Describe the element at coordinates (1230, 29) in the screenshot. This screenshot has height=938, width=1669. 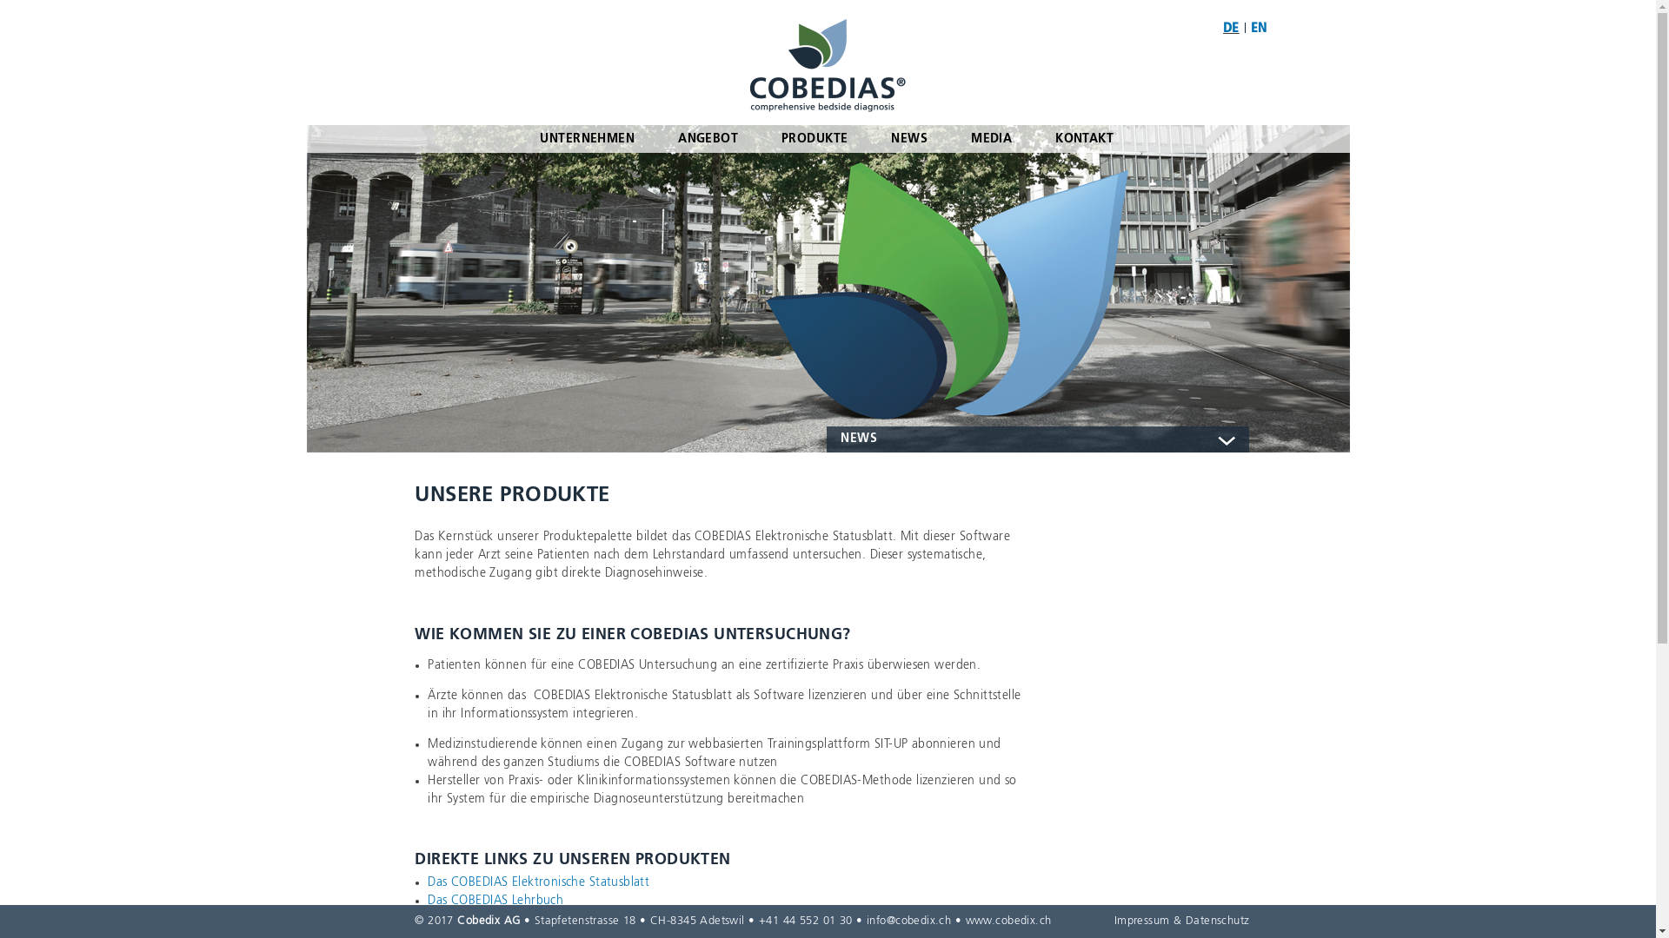
I see `'DE'` at that location.